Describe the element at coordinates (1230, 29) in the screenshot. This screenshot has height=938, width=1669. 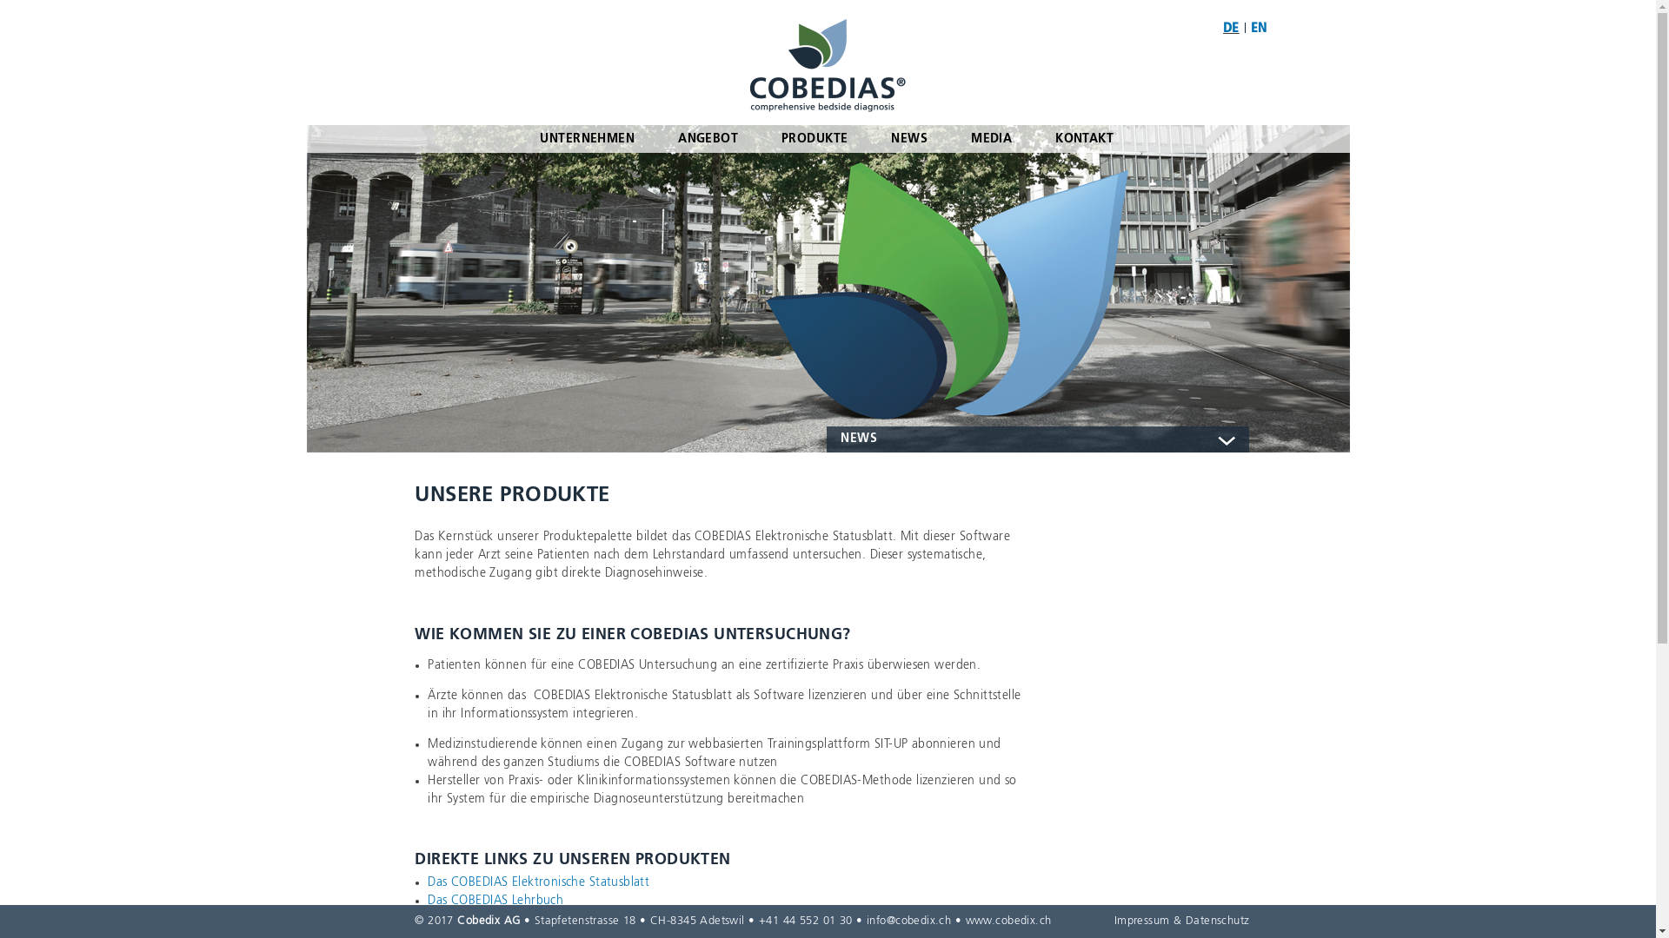
I see `'DE'` at that location.